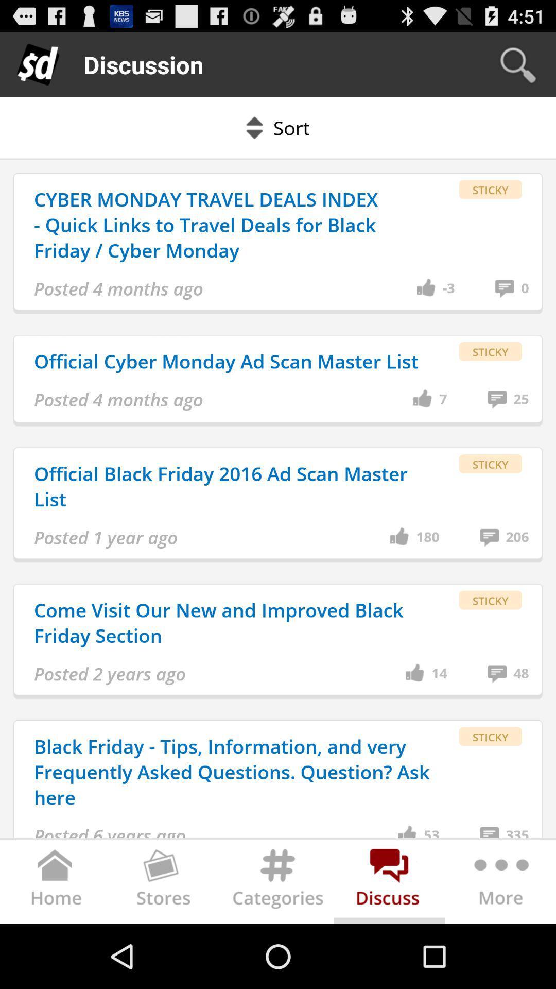 The height and width of the screenshot is (989, 556). I want to click on item below official black friday app, so click(106, 537).